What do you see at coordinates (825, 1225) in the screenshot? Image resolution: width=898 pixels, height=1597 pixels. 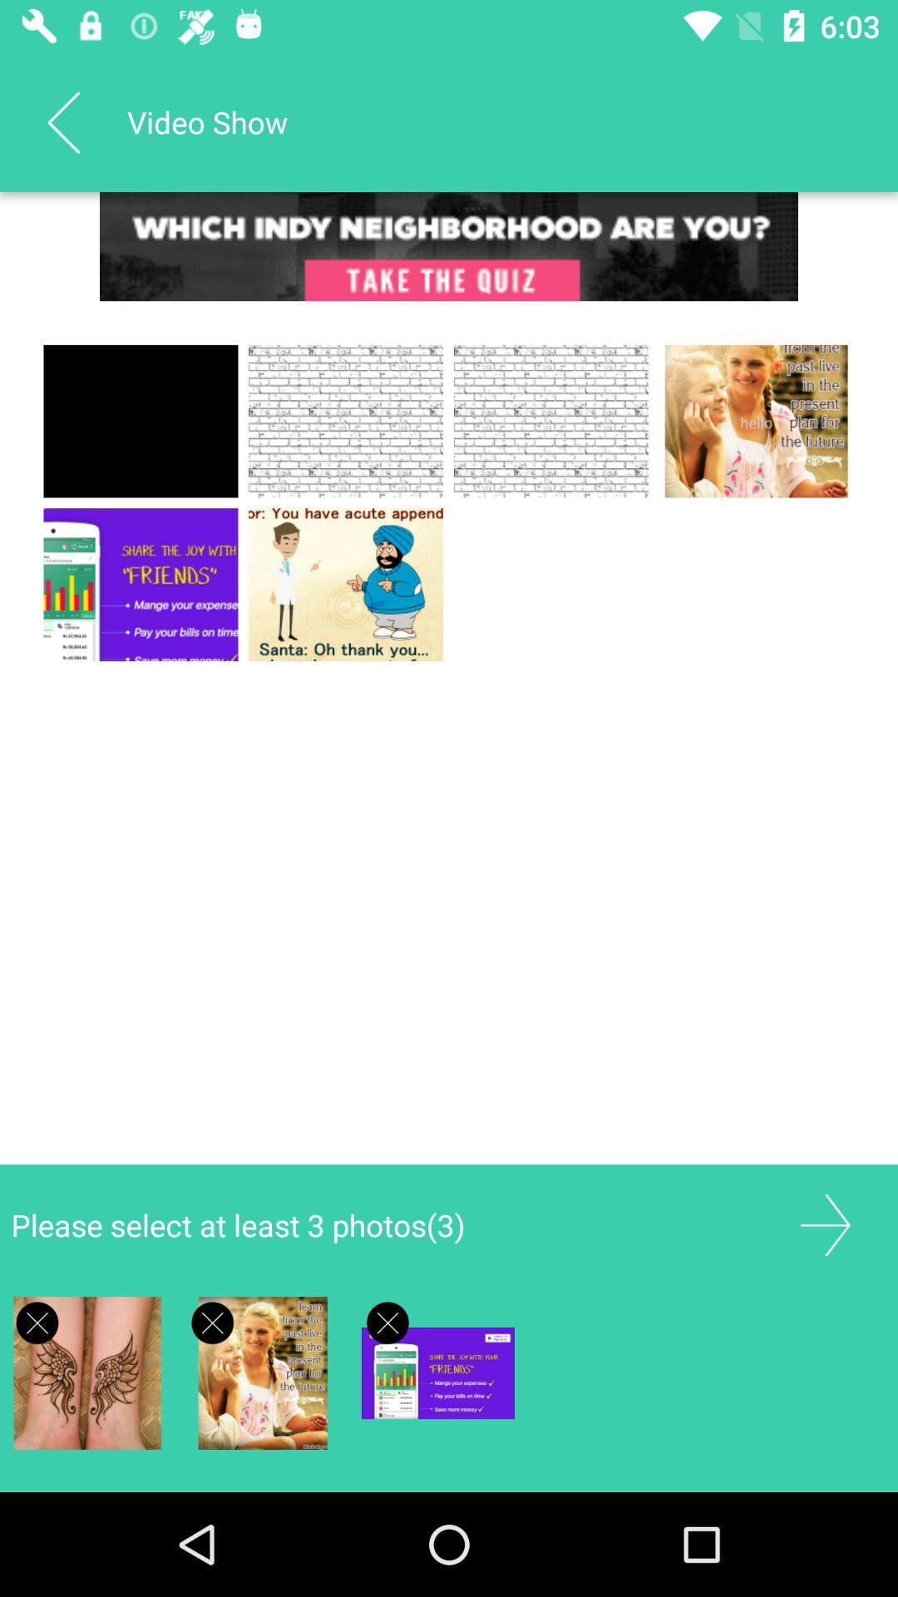 I see `go forward` at bounding box center [825, 1225].